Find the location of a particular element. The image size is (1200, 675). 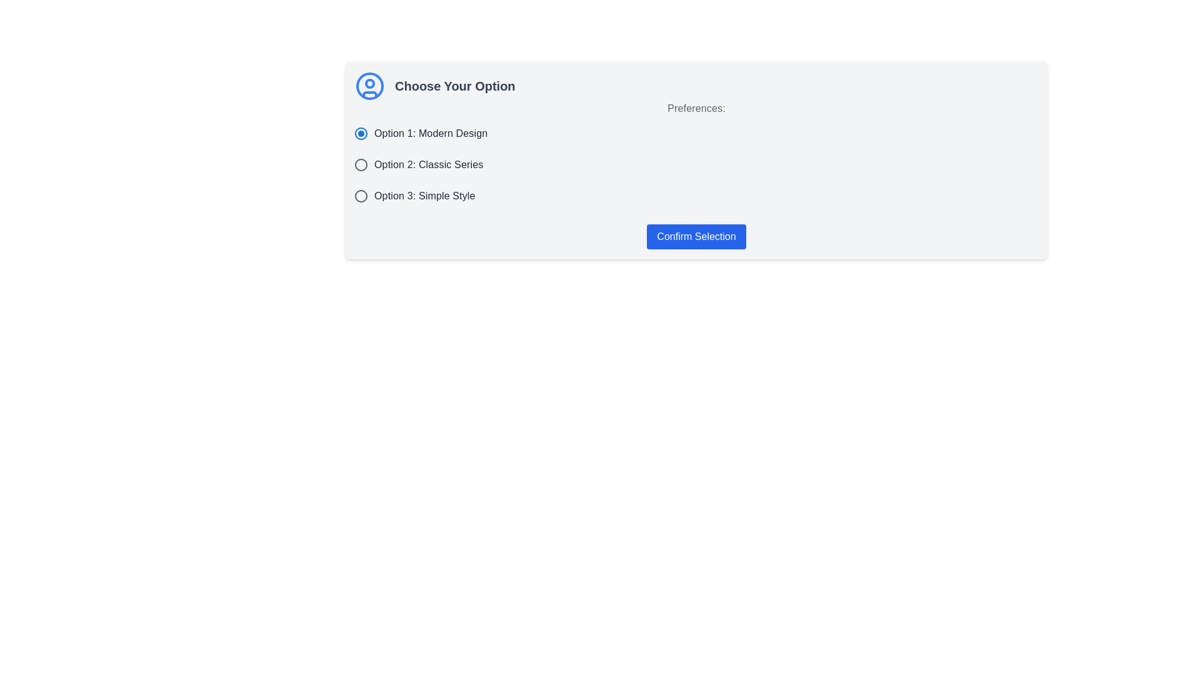

the selected radio button that is styled with a bold outer ring and a filled inner circle, adjacent to the label 'Option 3: Simple Style' is located at coordinates (360, 196).